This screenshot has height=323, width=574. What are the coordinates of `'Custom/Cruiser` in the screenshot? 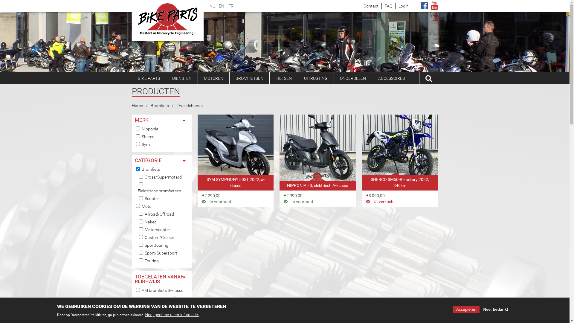 It's located at (159, 237).